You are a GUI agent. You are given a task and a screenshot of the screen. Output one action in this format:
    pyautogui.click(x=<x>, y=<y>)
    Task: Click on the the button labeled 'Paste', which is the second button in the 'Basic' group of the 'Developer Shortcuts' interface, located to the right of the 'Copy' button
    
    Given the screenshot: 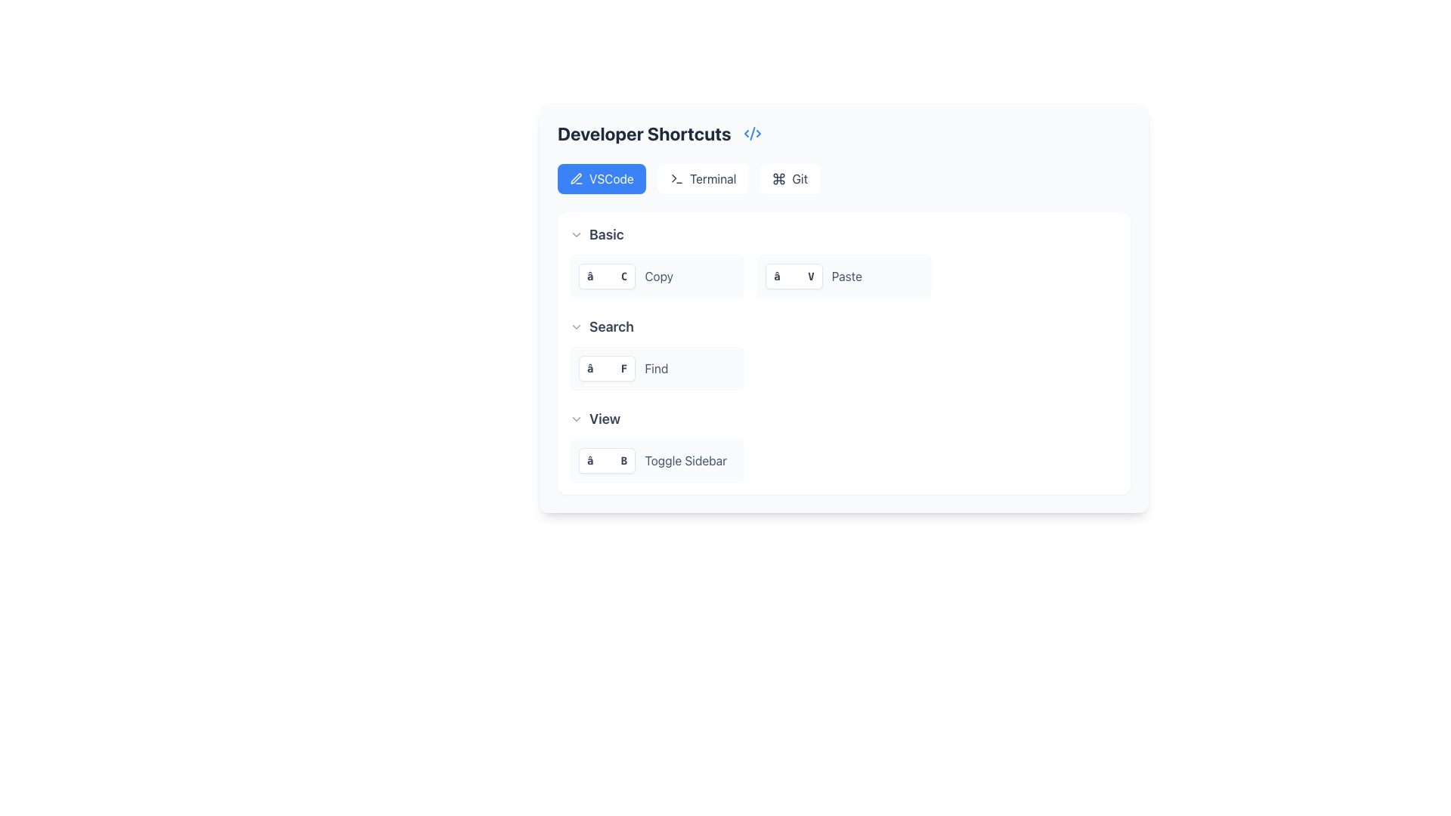 What is the action you would take?
    pyautogui.click(x=843, y=277)
    